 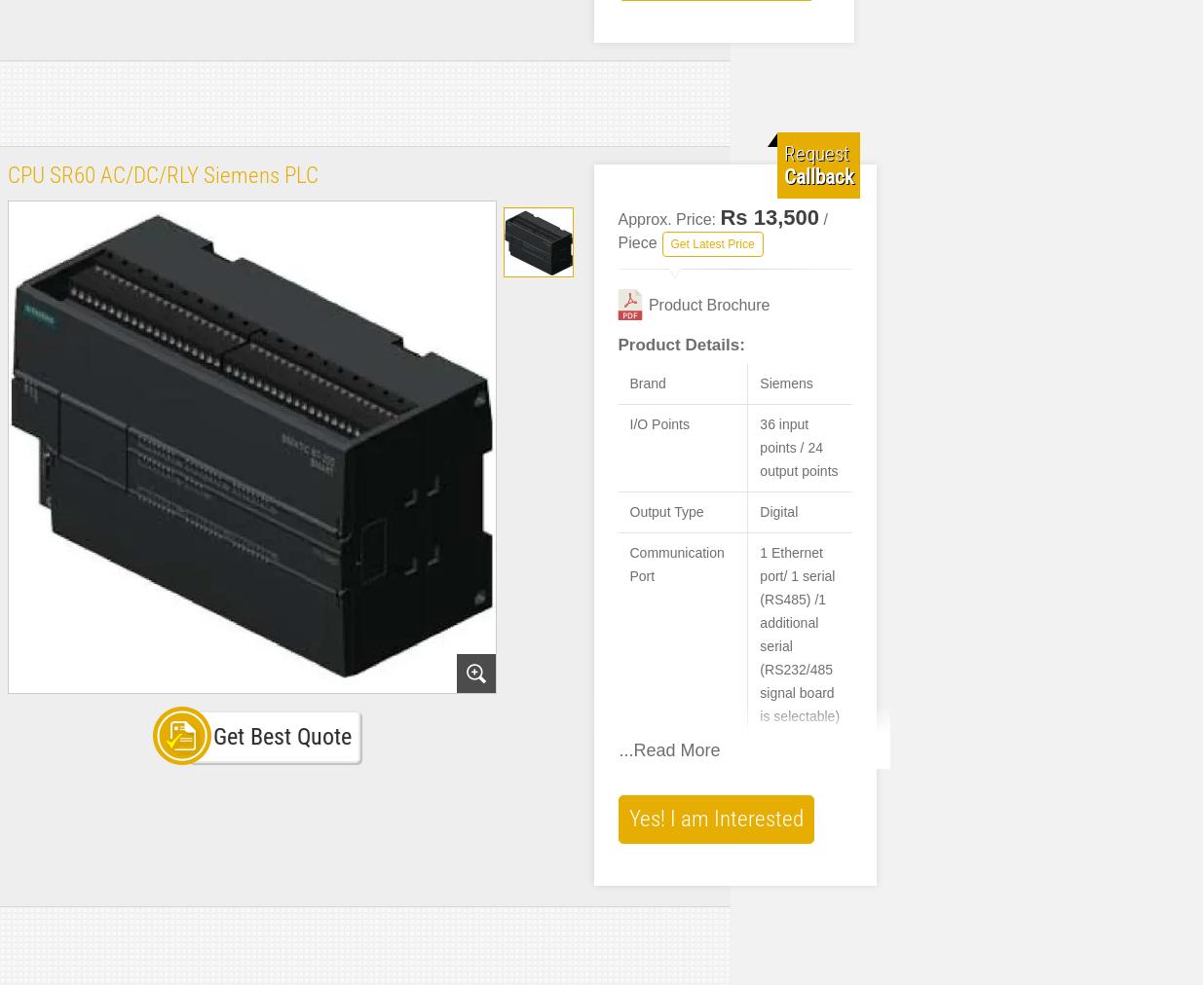 I want to click on 'I/O Points', so click(x=658, y=423).